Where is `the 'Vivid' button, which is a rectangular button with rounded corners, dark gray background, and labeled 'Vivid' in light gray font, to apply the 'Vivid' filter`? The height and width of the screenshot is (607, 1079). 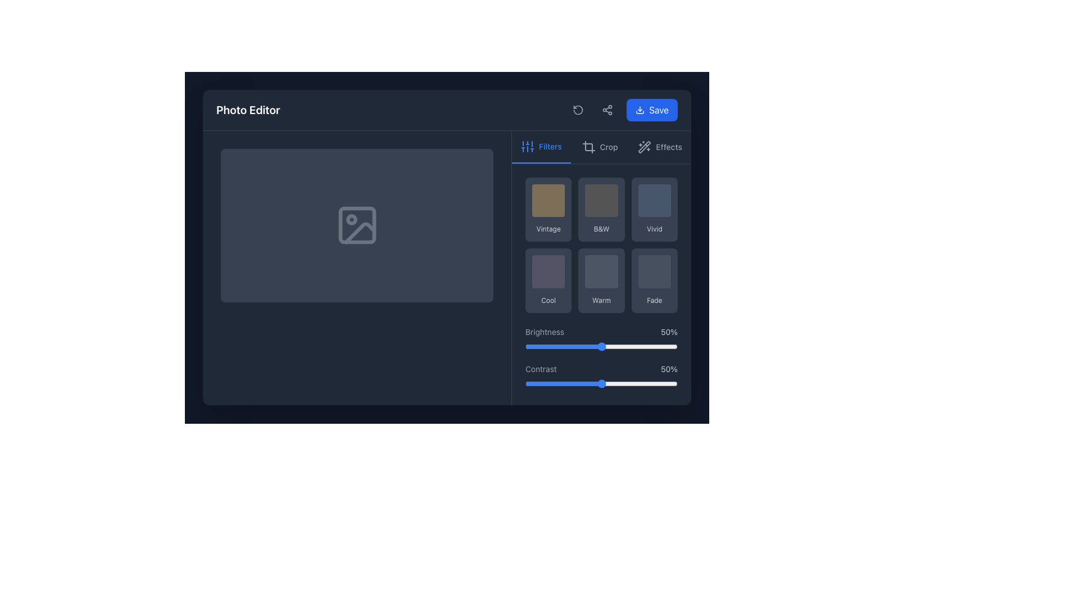 the 'Vivid' button, which is a rectangular button with rounded corners, dark gray background, and labeled 'Vivid' in light gray font, to apply the 'Vivid' filter is located at coordinates (654, 210).